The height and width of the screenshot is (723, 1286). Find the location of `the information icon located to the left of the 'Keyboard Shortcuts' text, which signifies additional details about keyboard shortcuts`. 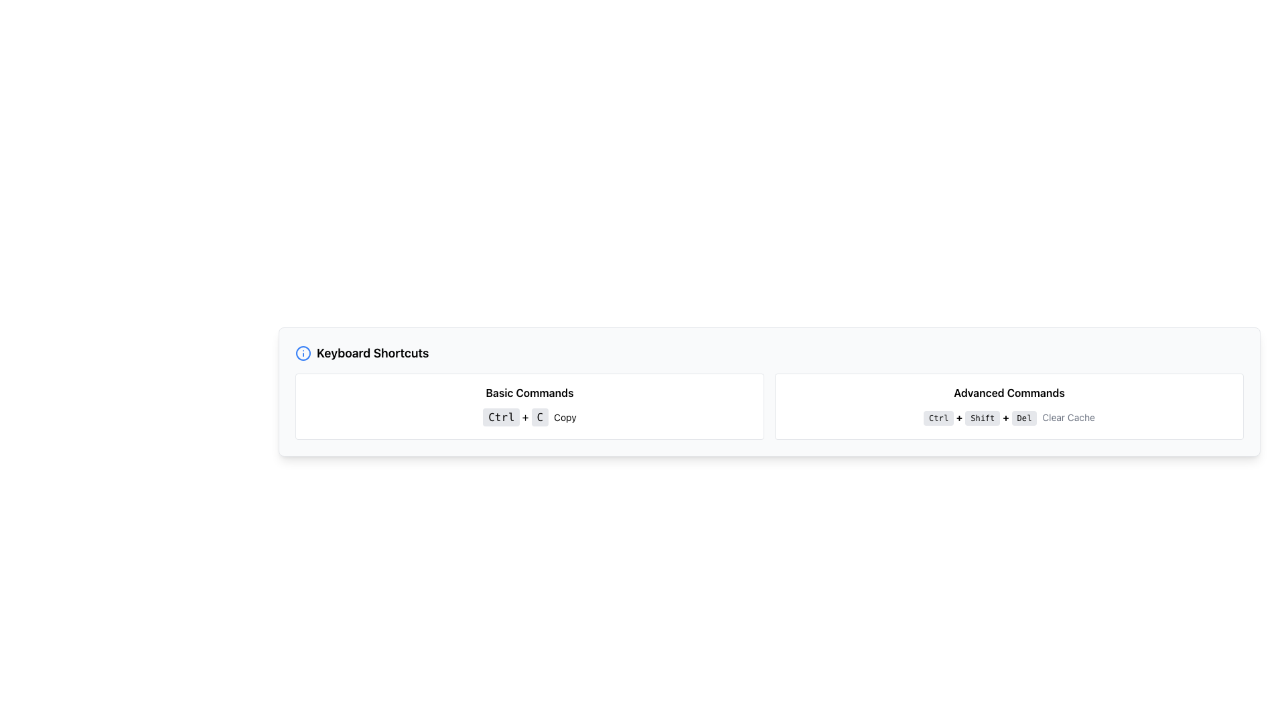

the information icon located to the left of the 'Keyboard Shortcuts' text, which signifies additional details about keyboard shortcuts is located at coordinates (302, 353).